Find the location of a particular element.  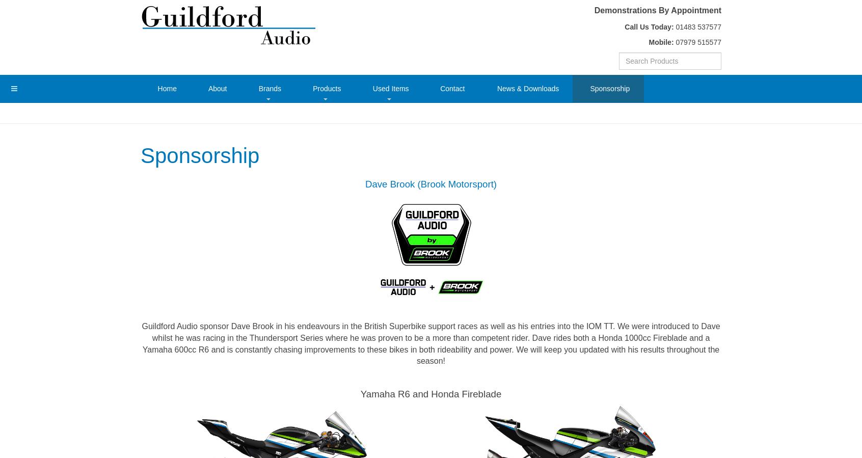

'Used Items' is located at coordinates (390, 88).